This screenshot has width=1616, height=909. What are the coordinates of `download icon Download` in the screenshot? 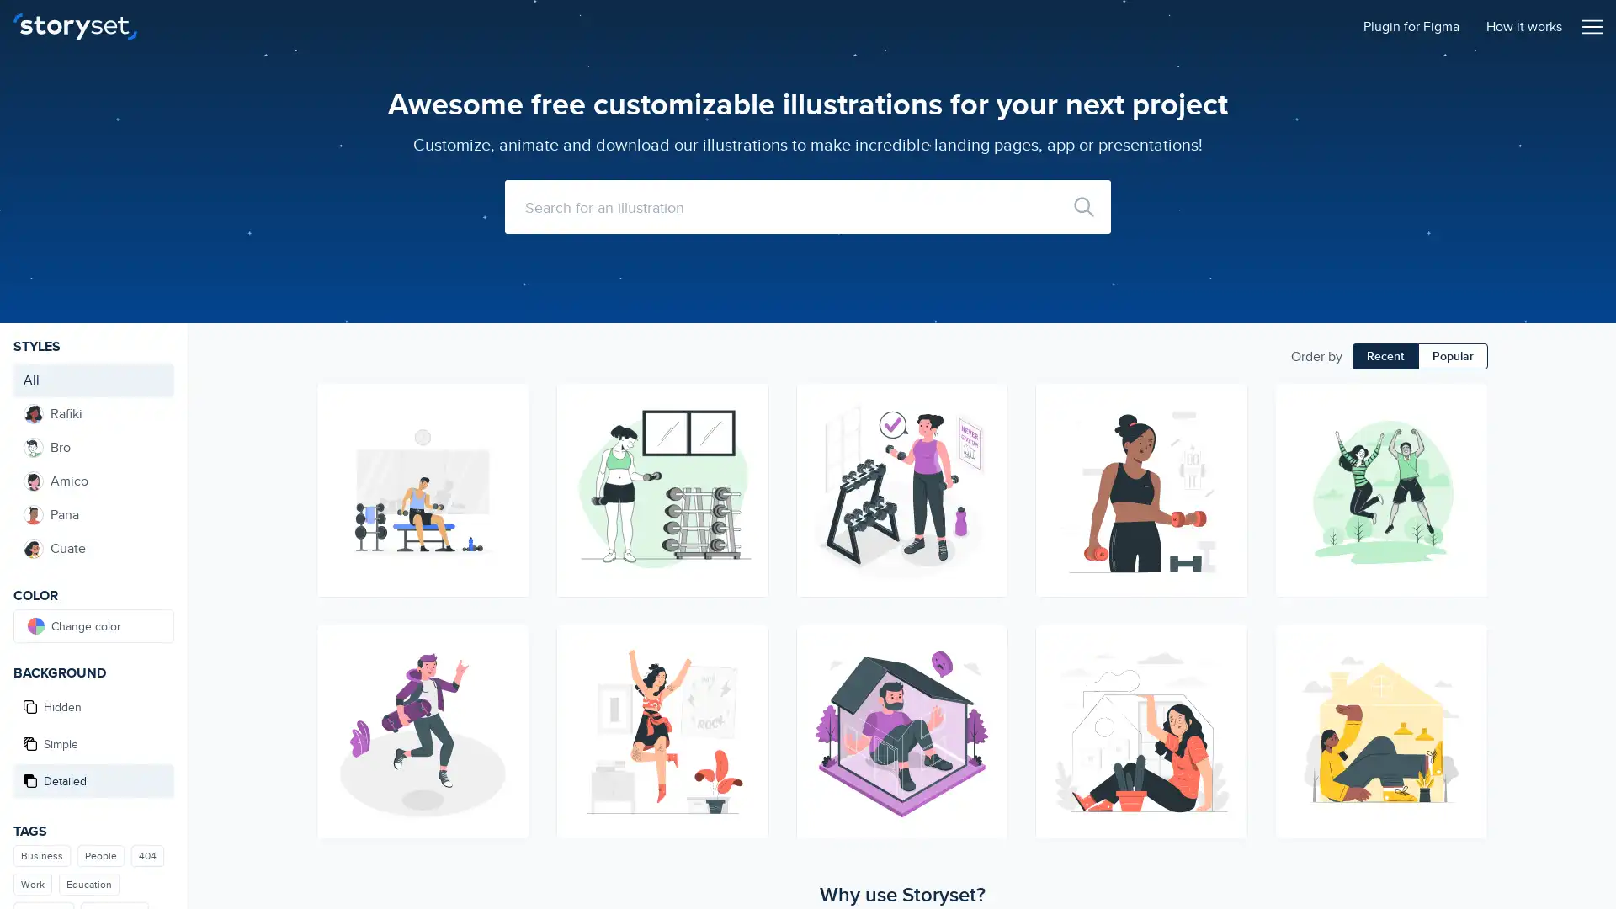 It's located at (1227, 433).